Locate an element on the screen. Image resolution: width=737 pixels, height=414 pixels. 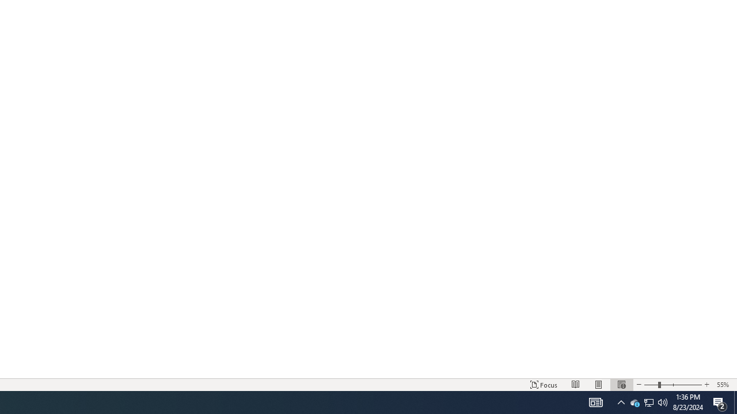
'Focus ' is located at coordinates (543, 385).